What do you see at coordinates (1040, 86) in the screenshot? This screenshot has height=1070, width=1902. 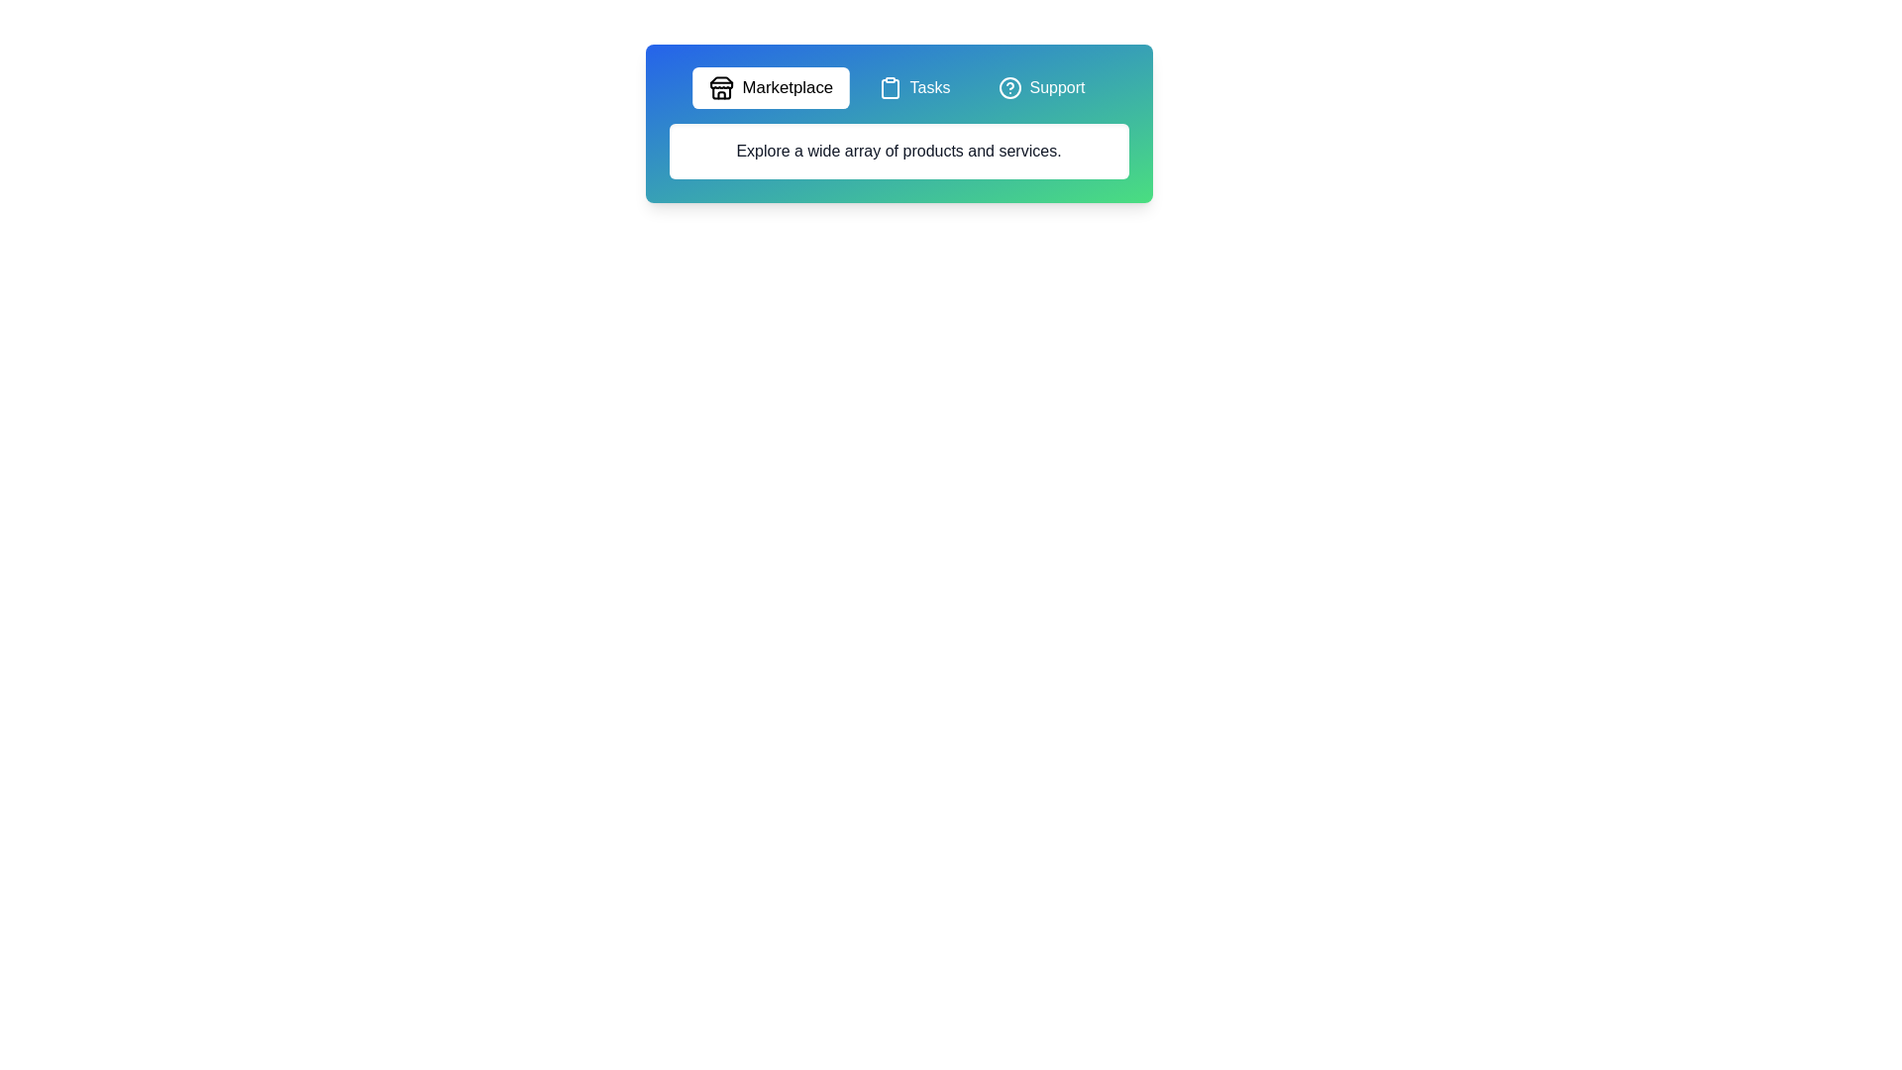 I see `the tab labeled Support to inspect its icon` at bounding box center [1040, 86].